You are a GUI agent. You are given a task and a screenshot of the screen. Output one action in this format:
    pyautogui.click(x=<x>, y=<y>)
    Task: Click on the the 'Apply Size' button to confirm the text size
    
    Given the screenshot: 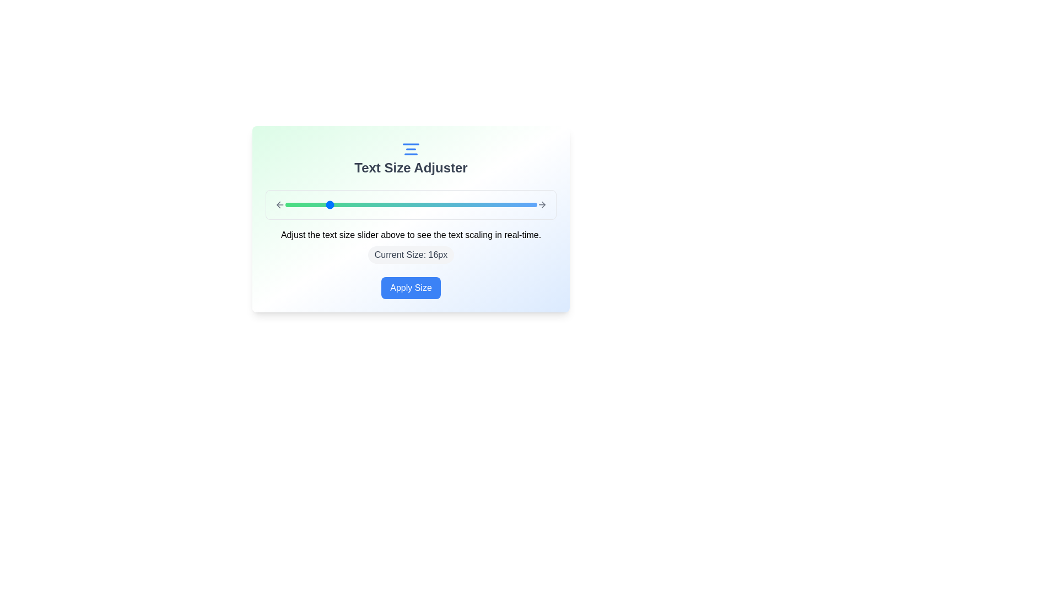 What is the action you would take?
    pyautogui.click(x=410, y=288)
    